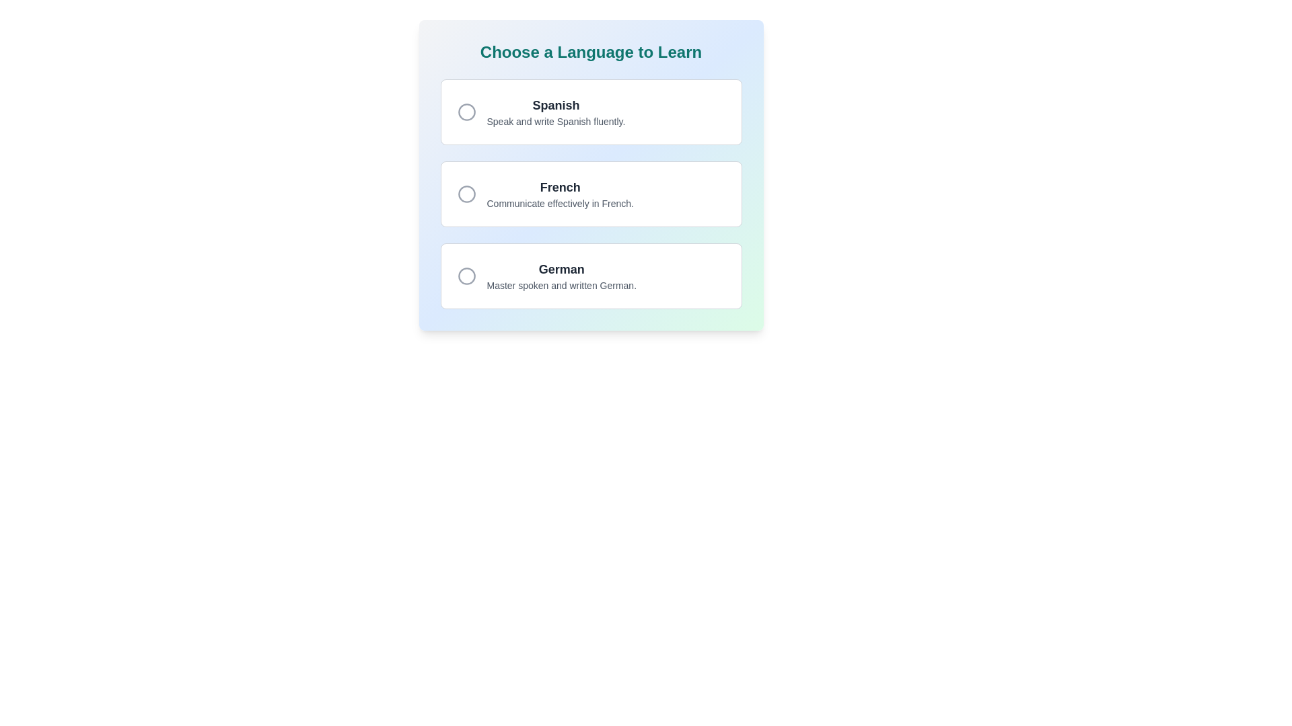  What do you see at coordinates (556, 122) in the screenshot?
I see `the text element that reads 'Speak and write Spanish fluently.', which is styled in gray and located immediately below the bolded text 'Spanish'` at bounding box center [556, 122].